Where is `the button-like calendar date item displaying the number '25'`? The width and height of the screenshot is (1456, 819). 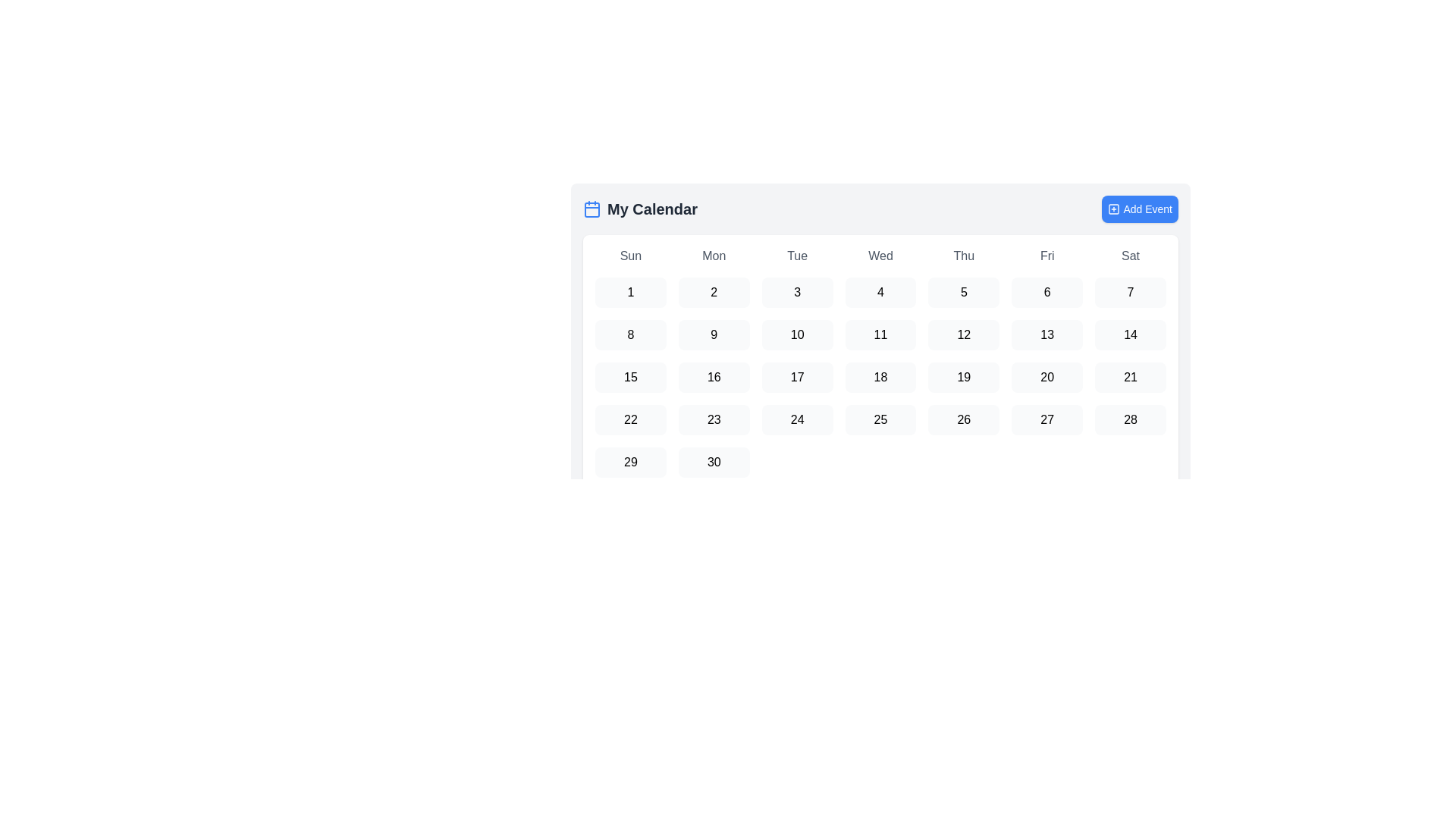
the button-like calendar date item displaying the number '25' is located at coordinates (880, 420).